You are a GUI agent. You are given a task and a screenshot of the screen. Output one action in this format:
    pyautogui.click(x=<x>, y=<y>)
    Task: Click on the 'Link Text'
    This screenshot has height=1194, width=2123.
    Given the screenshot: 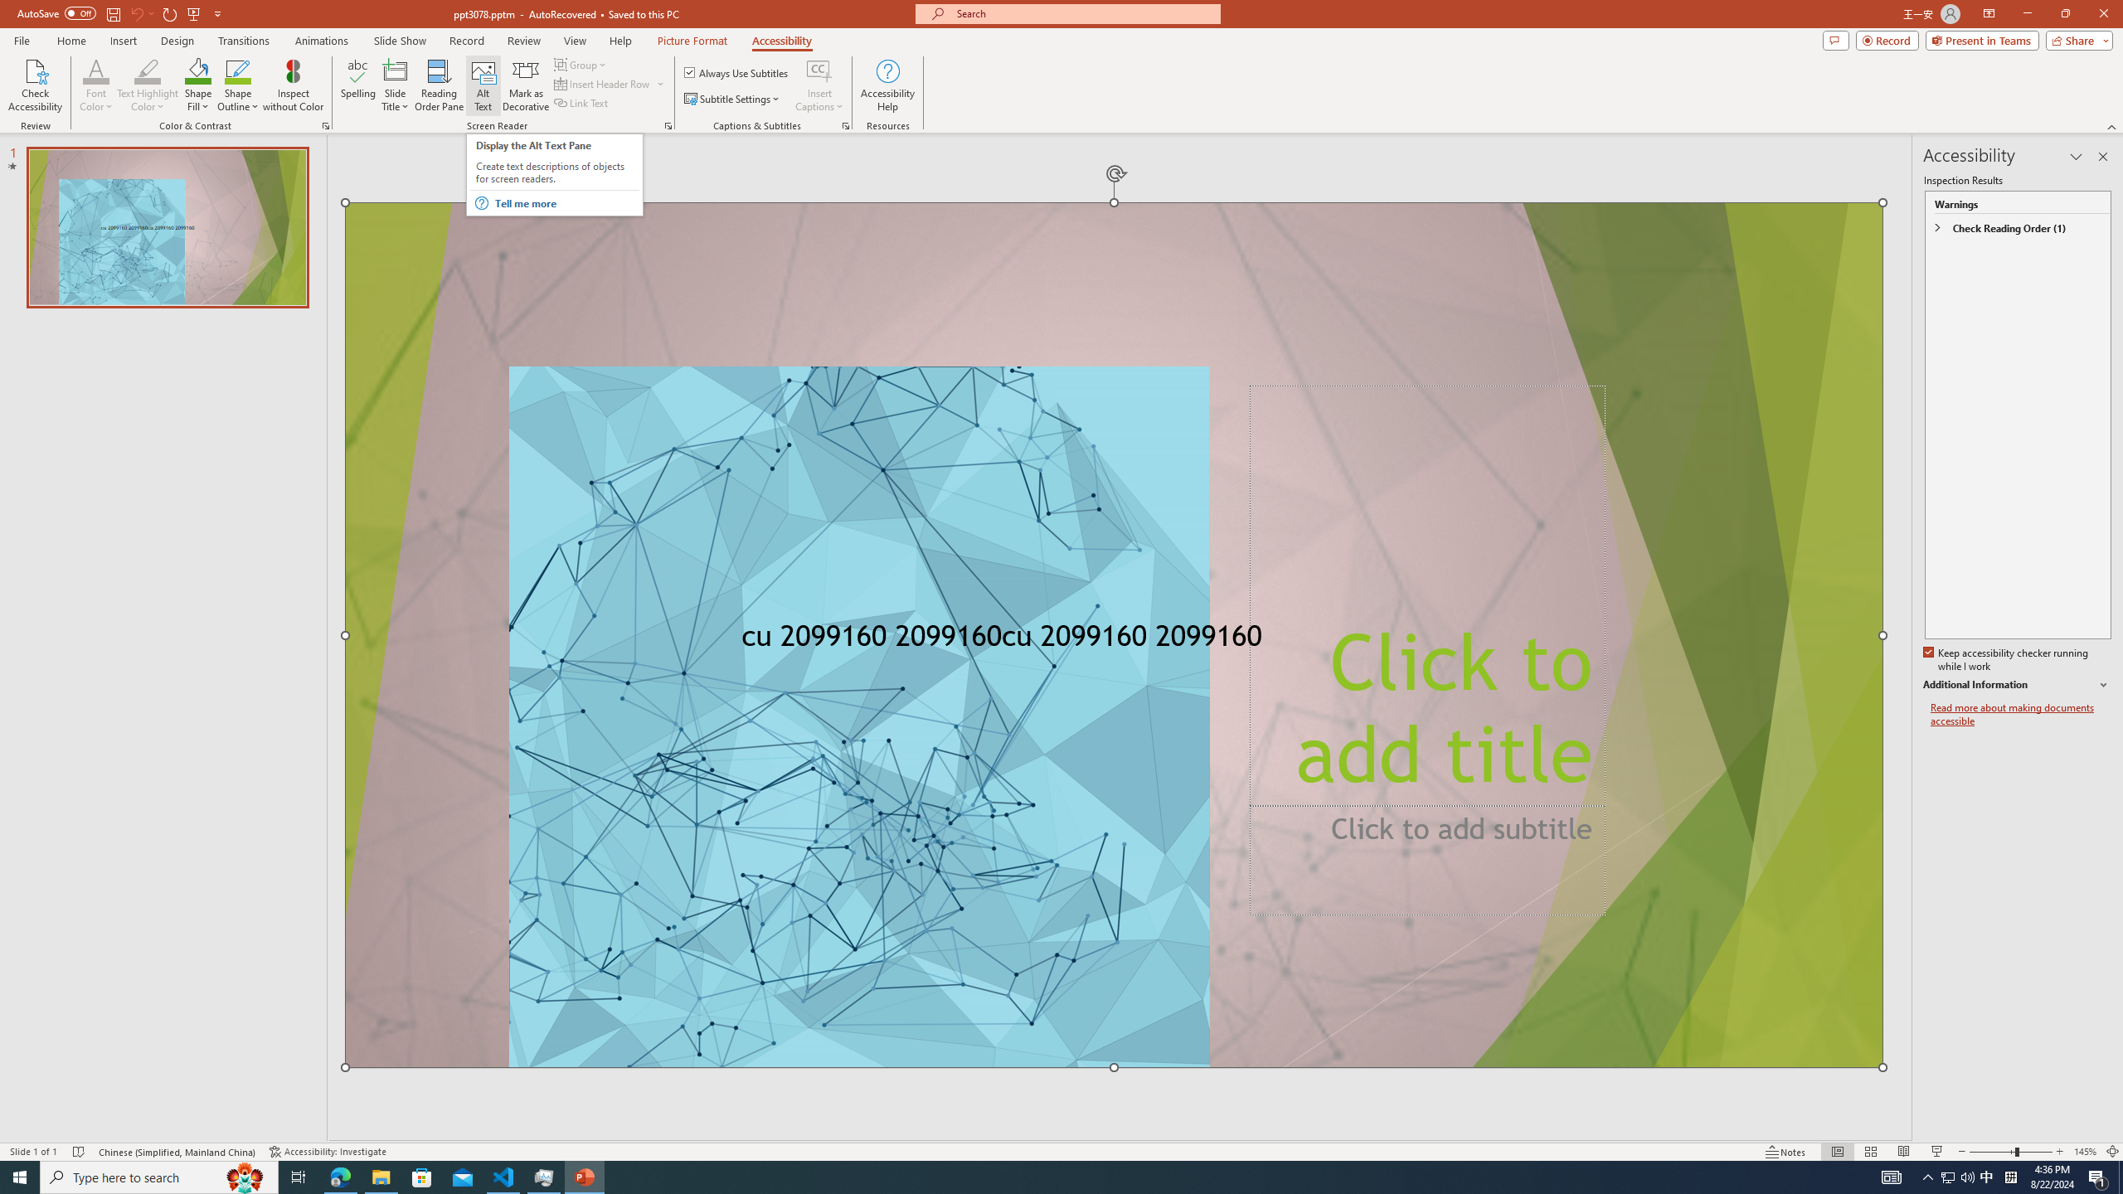 What is the action you would take?
    pyautogui.click(x=581, y=101)
    